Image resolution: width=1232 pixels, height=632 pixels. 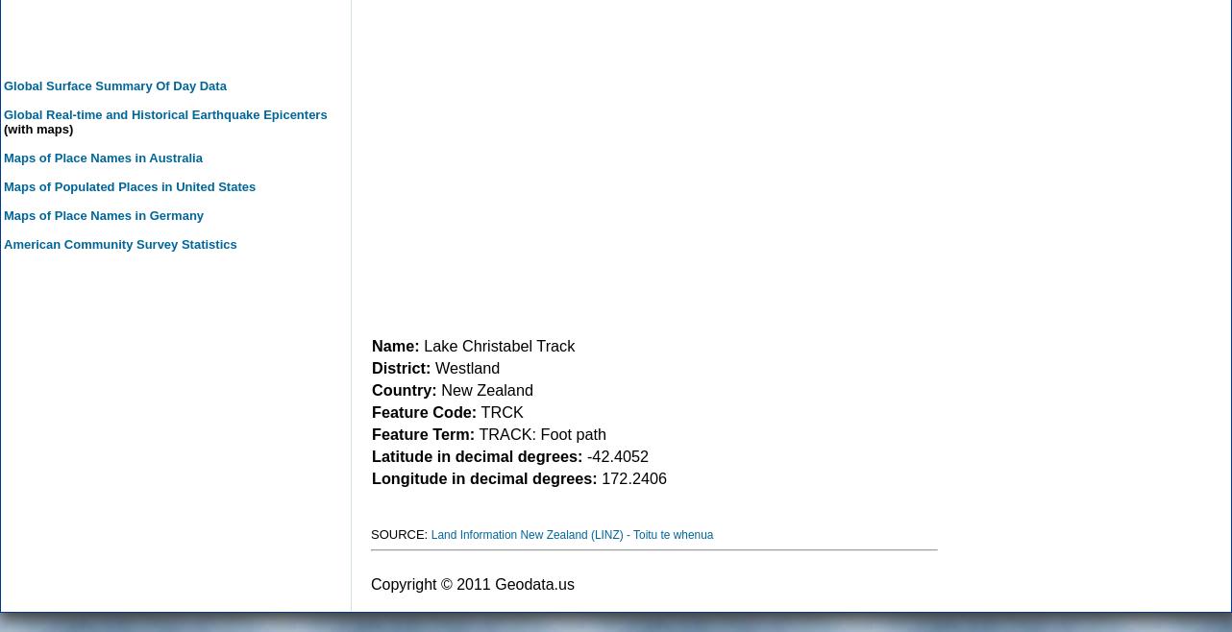 What do you see at coordinates (631, 476) in the screenshot?
I see `'172.2406'` at bounding box center [631, 476].